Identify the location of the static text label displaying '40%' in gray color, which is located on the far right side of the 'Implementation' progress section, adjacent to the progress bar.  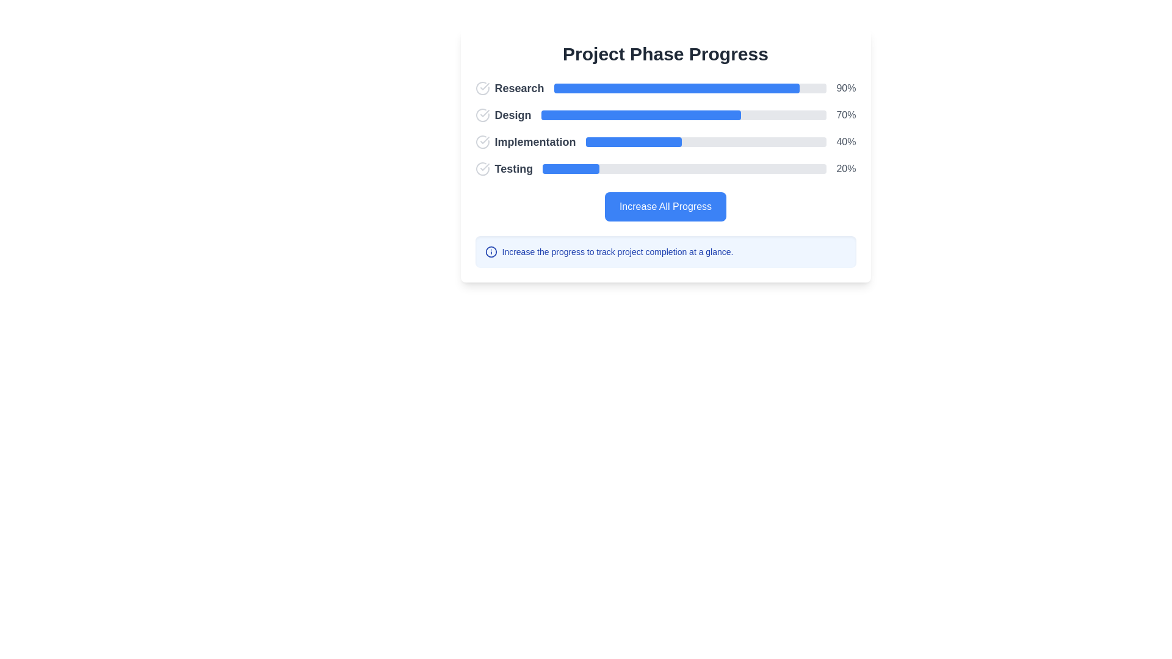
(845, 141).